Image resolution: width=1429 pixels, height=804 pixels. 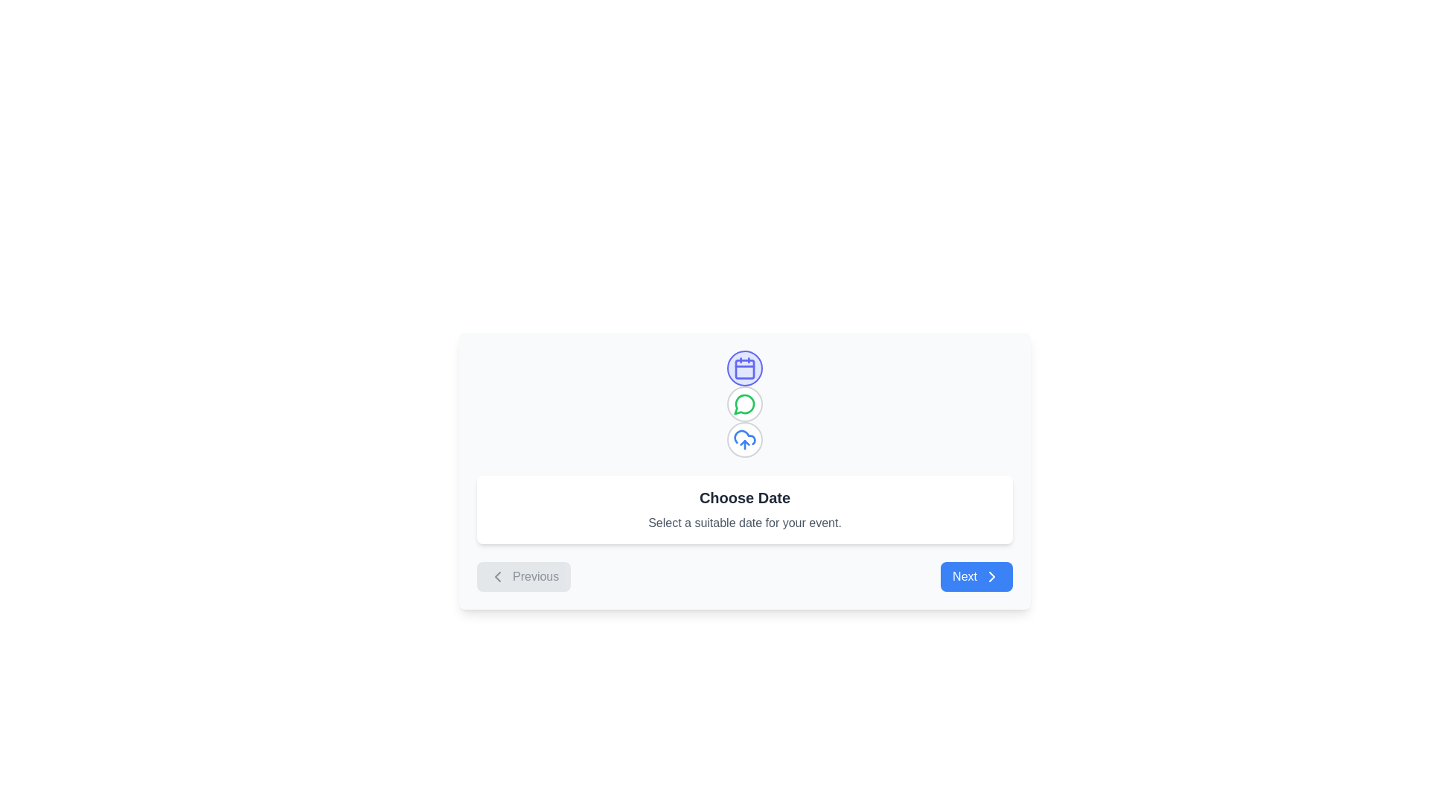 What do you see at coordinates (745, 438) in the screenshot?
I see `the cloud upload icon located at the bottom of a vertical stack of three circular icons, positioned centrally within the layout` at bounding box center [745, 438].